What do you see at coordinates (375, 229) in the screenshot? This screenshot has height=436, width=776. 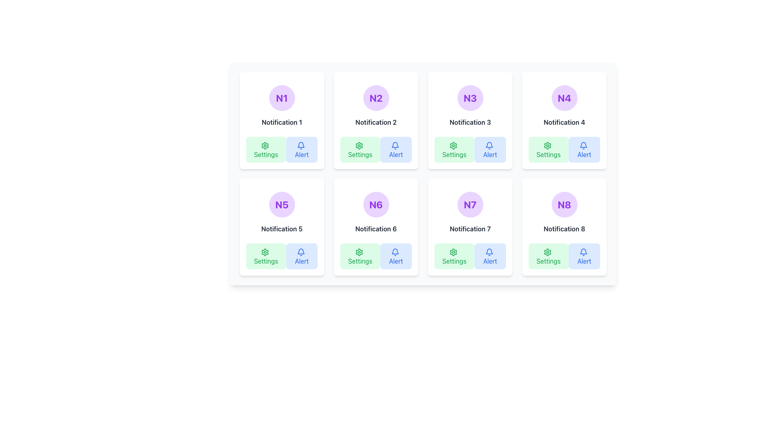 I see `the non-interactive text label that indicates the notification number or type, which is center-aligned within the sixth card in a grid layout, located in the second row and third column` at bounding box center [375, 229].